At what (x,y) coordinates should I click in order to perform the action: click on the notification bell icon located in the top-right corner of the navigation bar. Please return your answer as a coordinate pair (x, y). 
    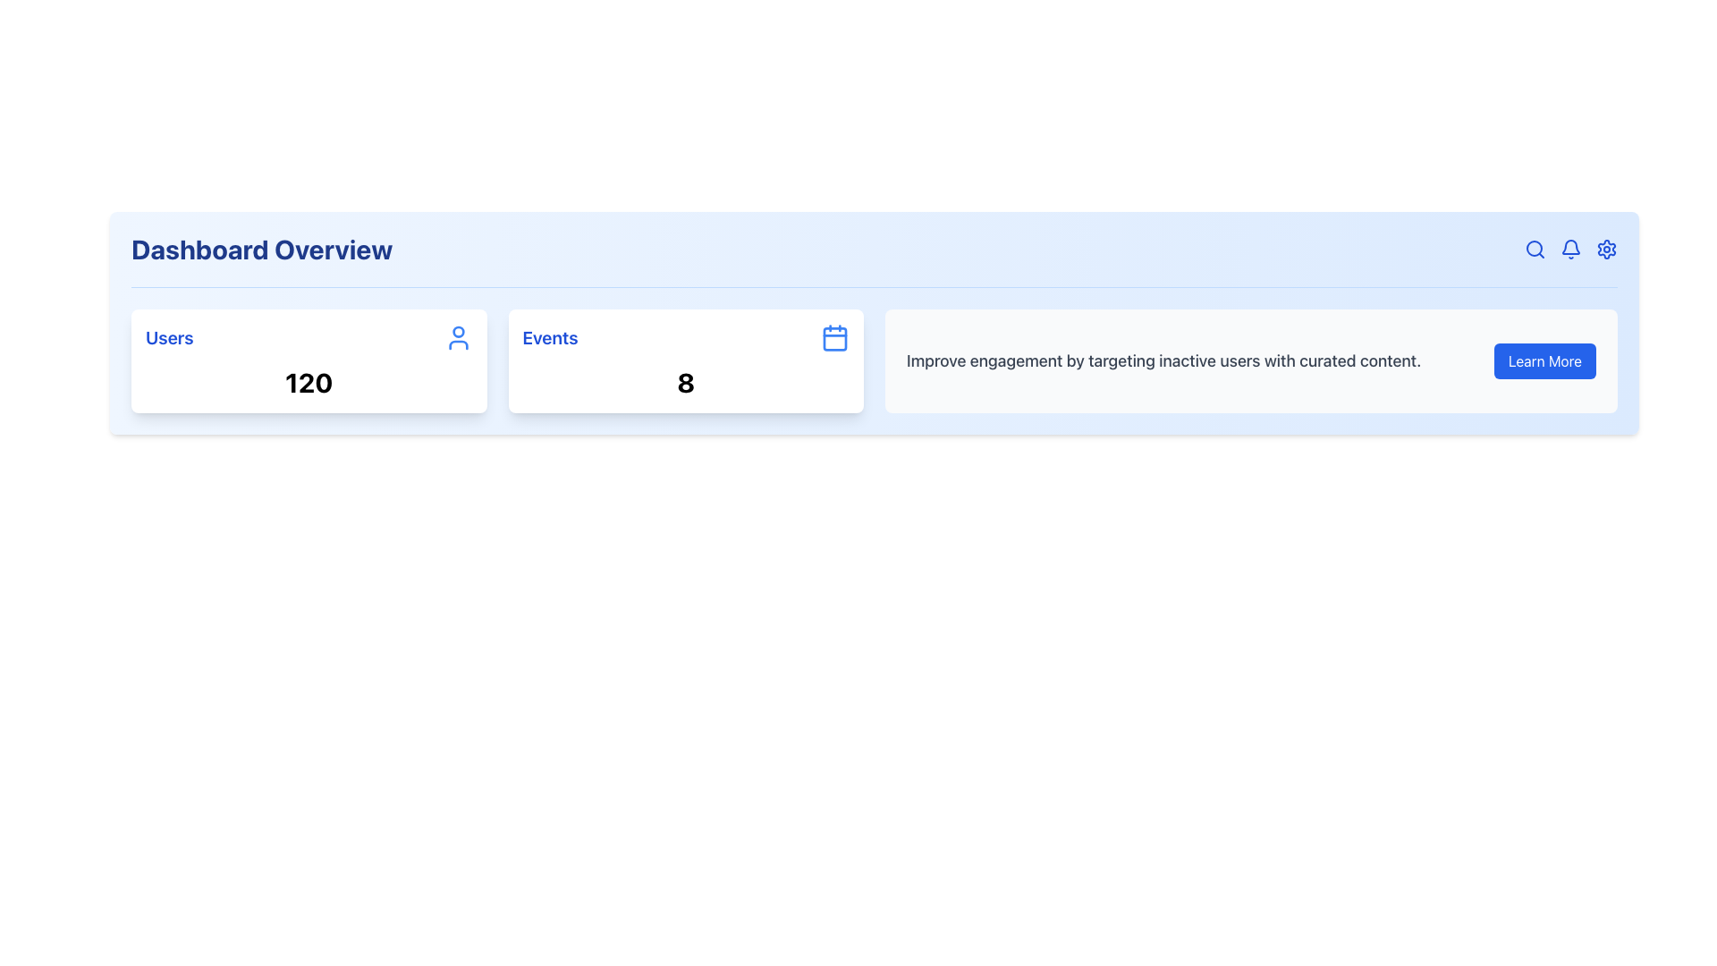
    Looking at the image, I should click on (1569, 249).